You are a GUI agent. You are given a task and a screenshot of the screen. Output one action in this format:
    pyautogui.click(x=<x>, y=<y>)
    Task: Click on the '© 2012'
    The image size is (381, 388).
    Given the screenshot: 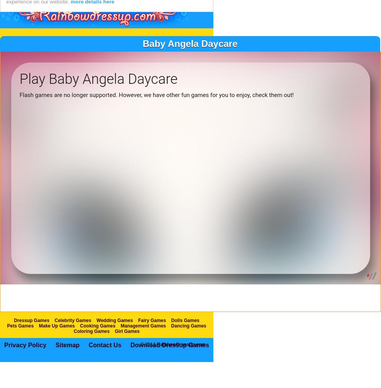 What is the action you would take?
    pyautogui.click(x=148, y=360)
    